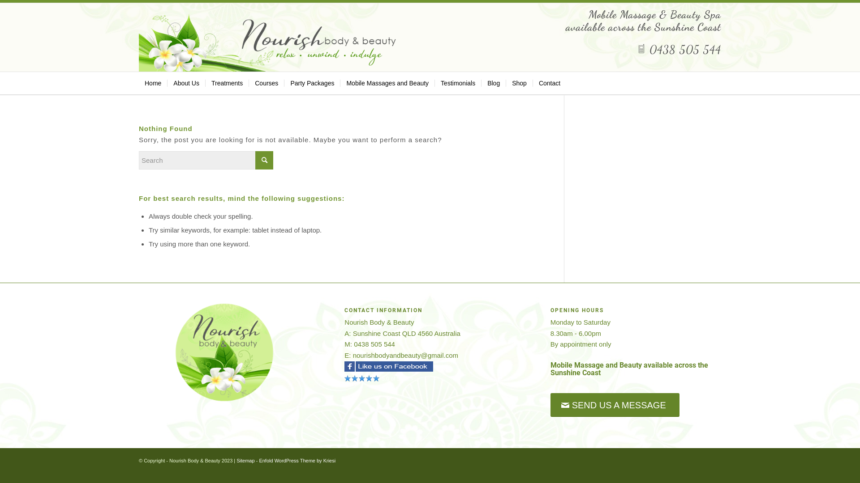 The width and height of the screenshot is (860, 483). Describe the element at coordinates (519, 83) in the screenshot. I see `'Shop'` at that location.